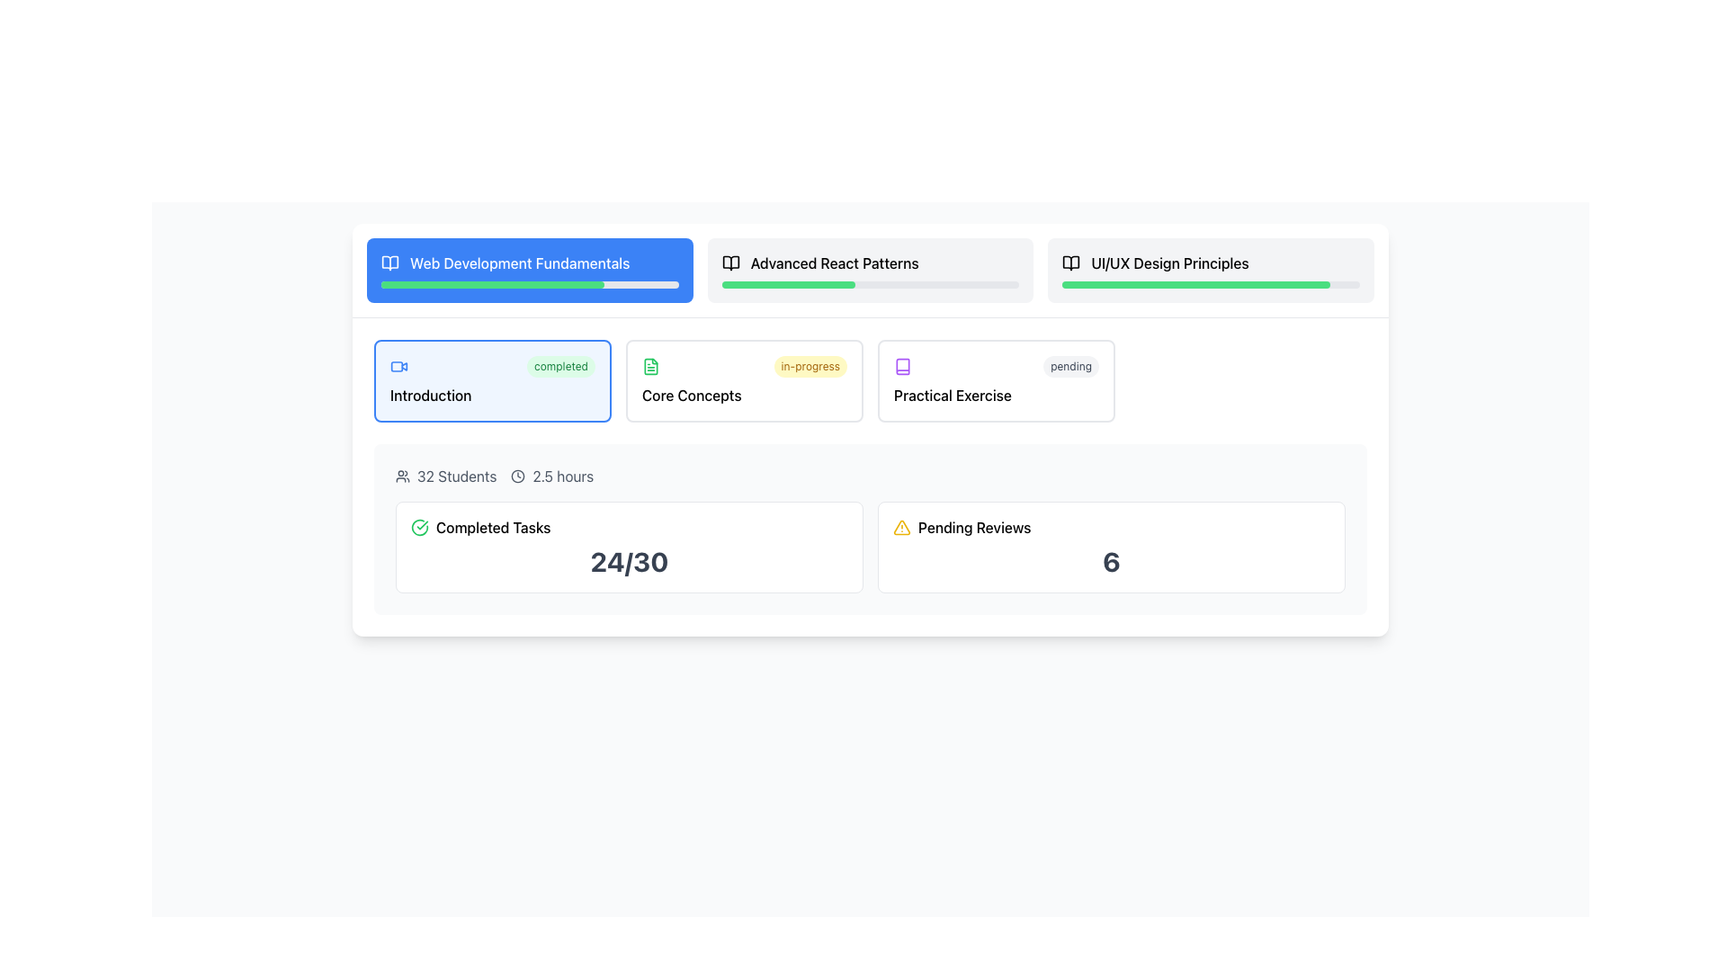 The height and width of the screenshot is (971, 1727). Describe the element at coordinates (810, 366) in the screenshot. I see `the status display label for the 'Core Concepts' task, located next to a green document icon and above the 'Completed Tasks' and 'Pending Reviews' summary boxes` at that location.